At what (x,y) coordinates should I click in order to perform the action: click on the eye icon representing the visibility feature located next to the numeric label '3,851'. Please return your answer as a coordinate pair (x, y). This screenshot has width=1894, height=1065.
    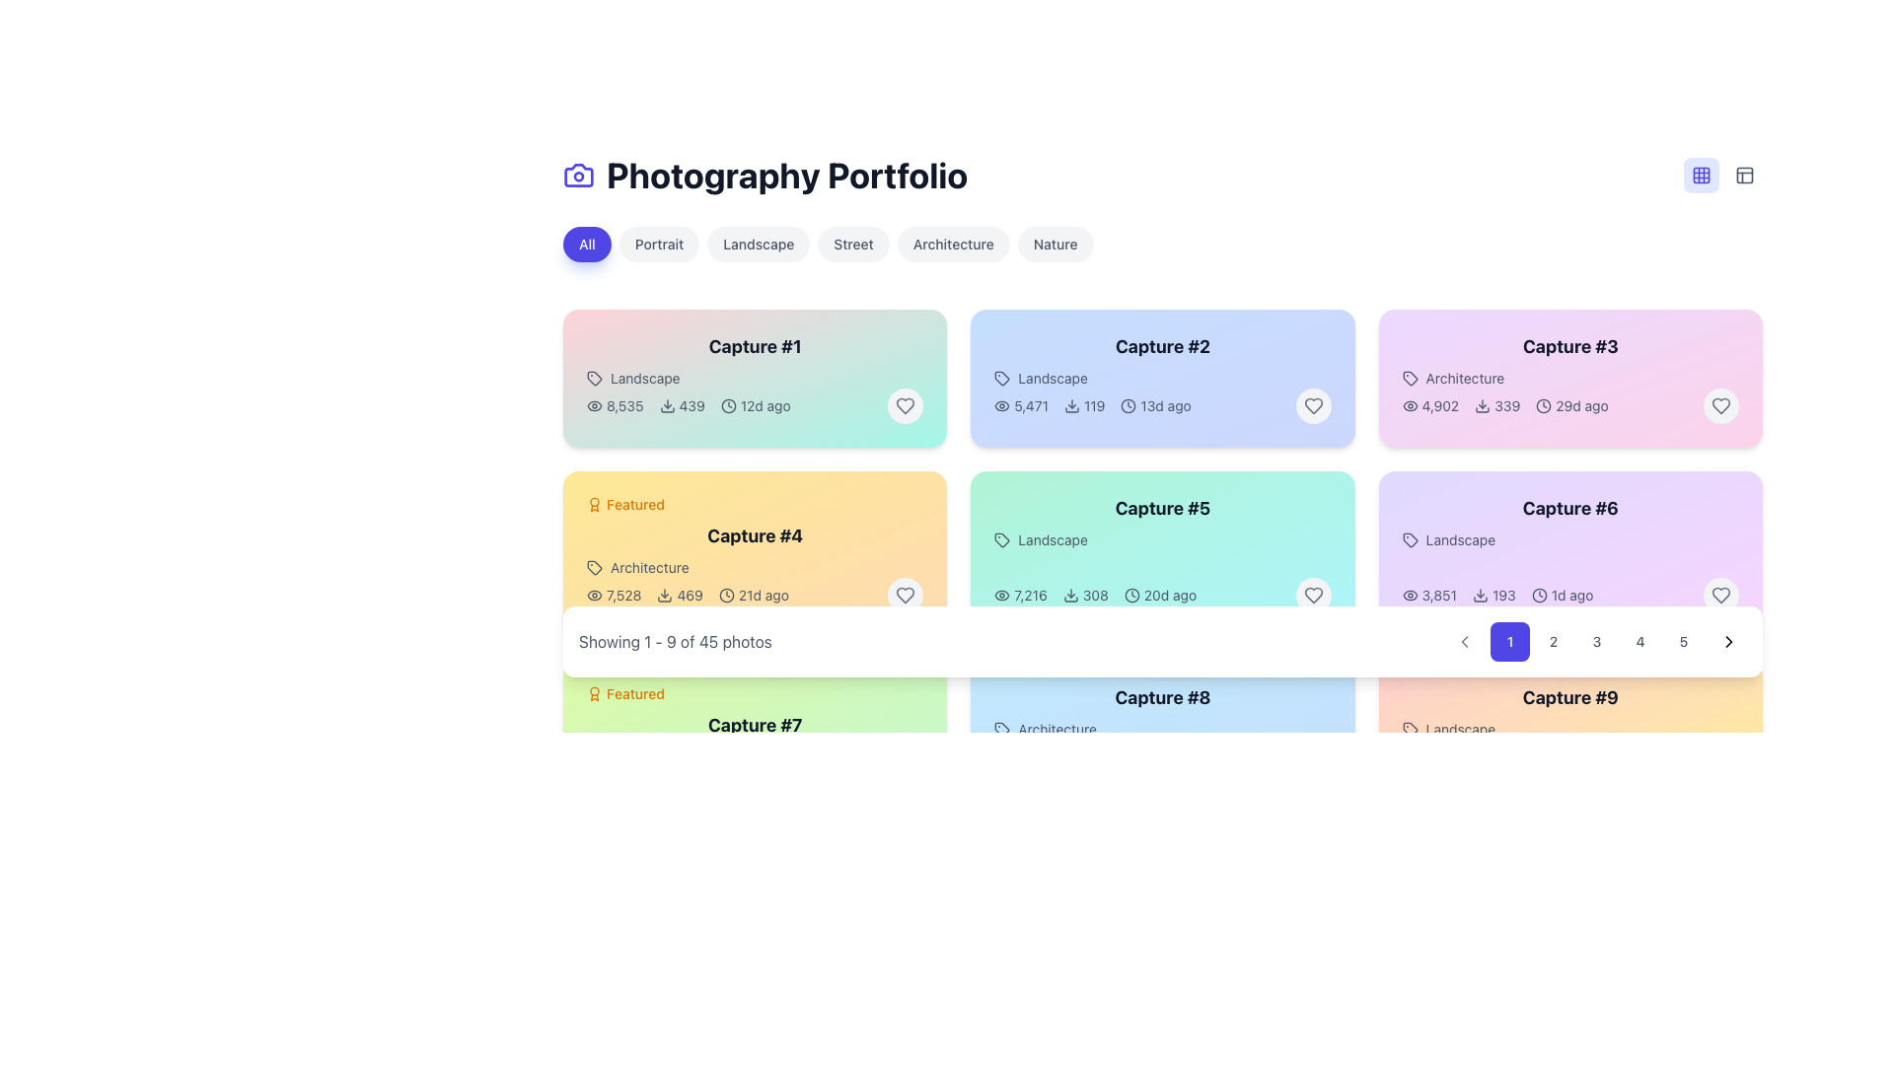
    Looking at the image, I should click on (1409, 595).